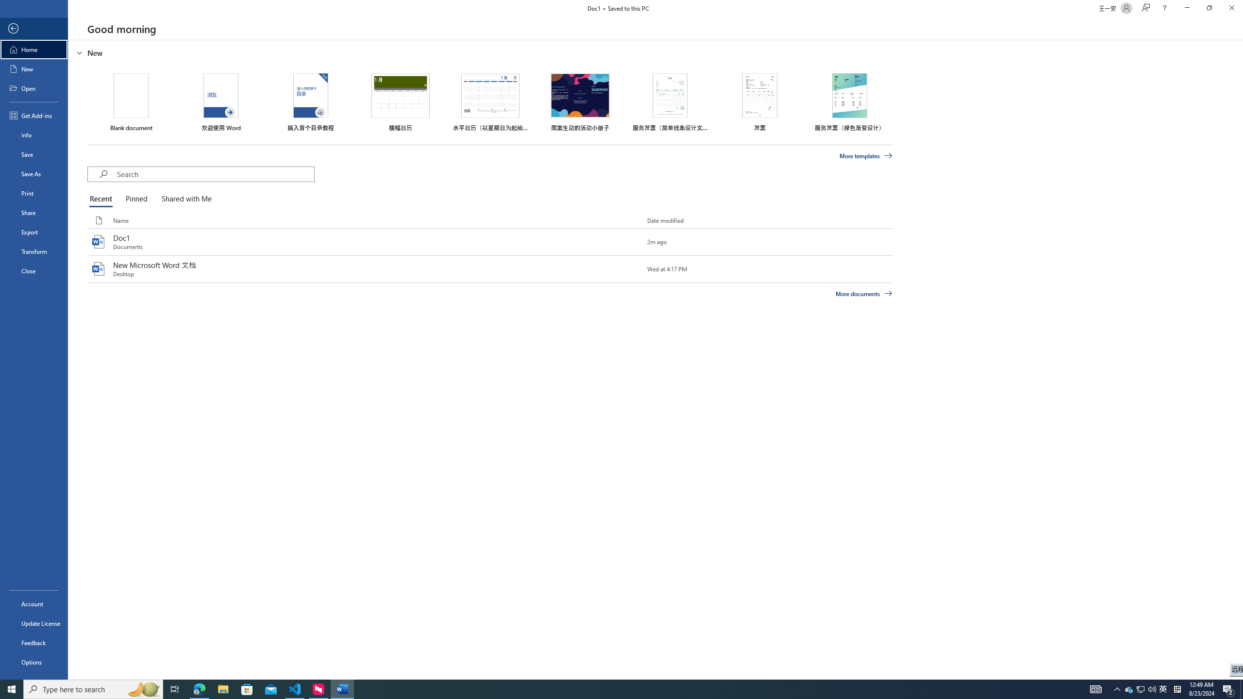 This screenshot has width=1243, height=699. What do you see at coordinates (34, 28) in the screenshot?
I see `'Back'` at bounding box center [34, 28].